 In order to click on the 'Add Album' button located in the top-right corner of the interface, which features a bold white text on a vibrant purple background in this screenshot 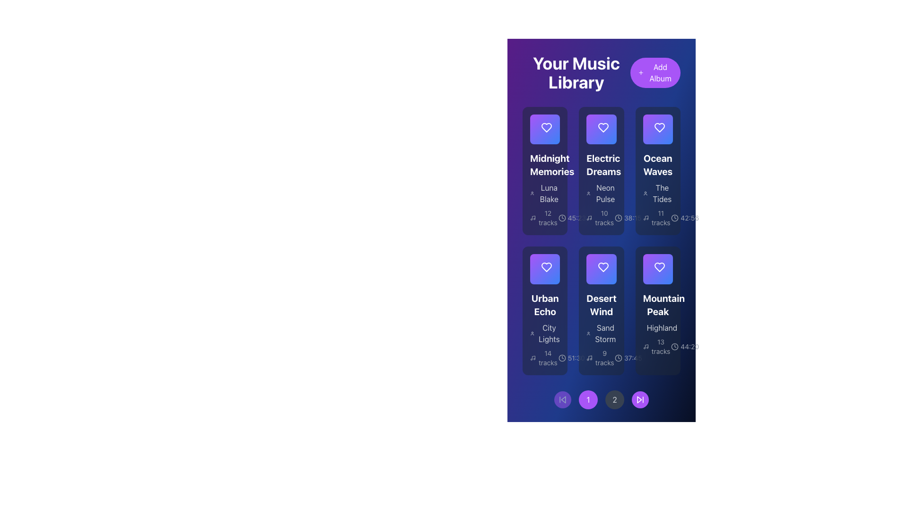, I will do `click(660, 72)`.